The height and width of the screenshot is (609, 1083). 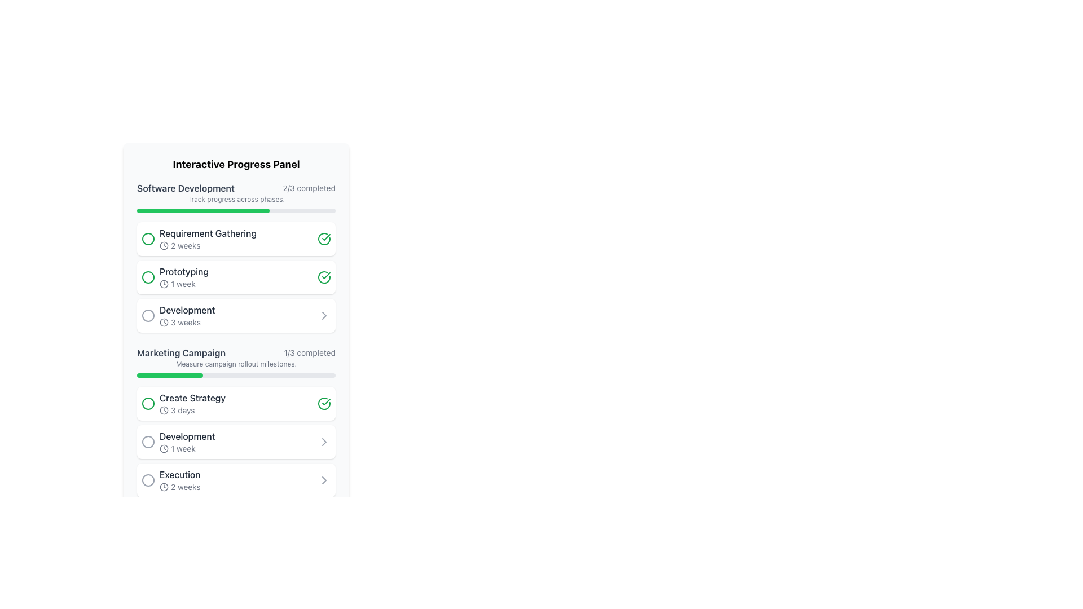 What do you see at coordinates (235, 211) in the screenshot?
I see `the horizontally oriented progress bar located beneath the label 'Track progress across phases.' and the section title 'Software Development 2/3 completed'` at bounding box center [235, 211].